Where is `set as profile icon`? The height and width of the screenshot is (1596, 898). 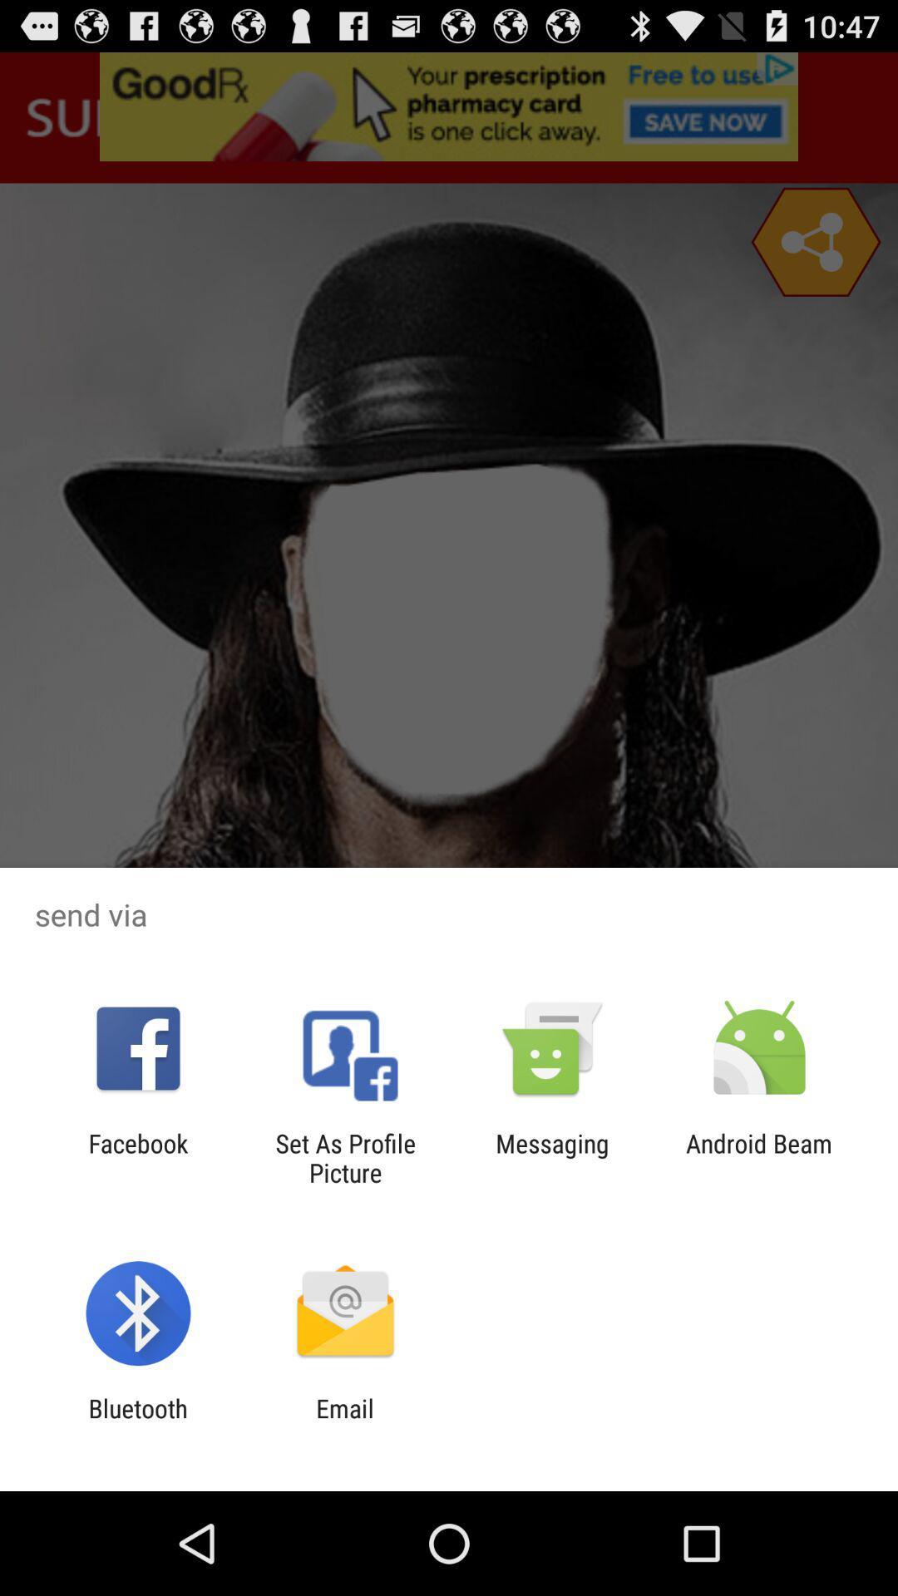 set as profile icon is located at coordinates (344, 1157).